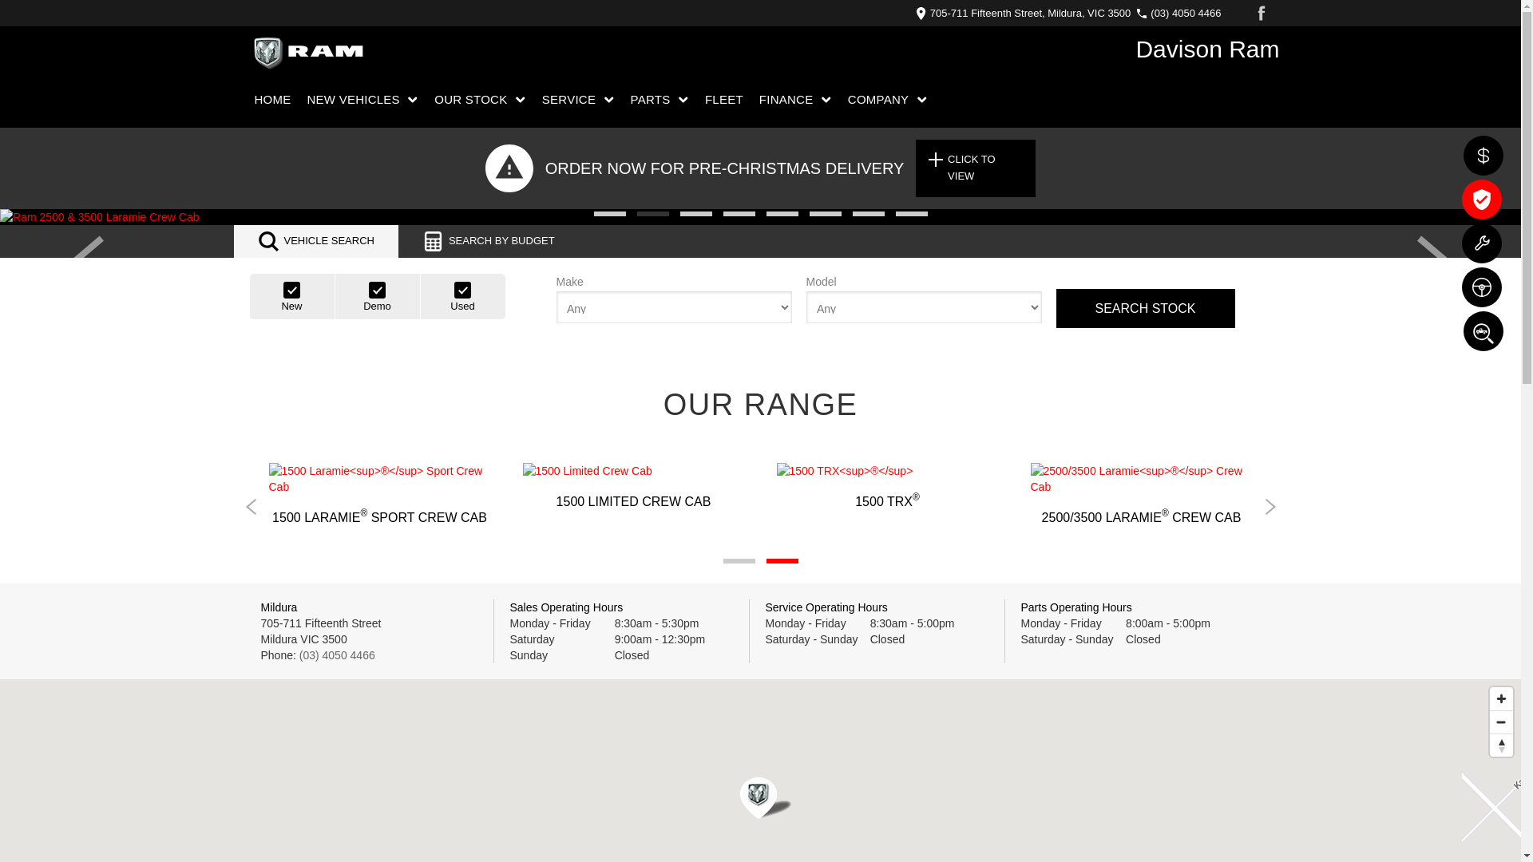 Image resolution: width=1533 pixels, height=862 pixels. Describe the element at coordinates (623, 99) in the screenshot. I see `'PARTS'` at that location.